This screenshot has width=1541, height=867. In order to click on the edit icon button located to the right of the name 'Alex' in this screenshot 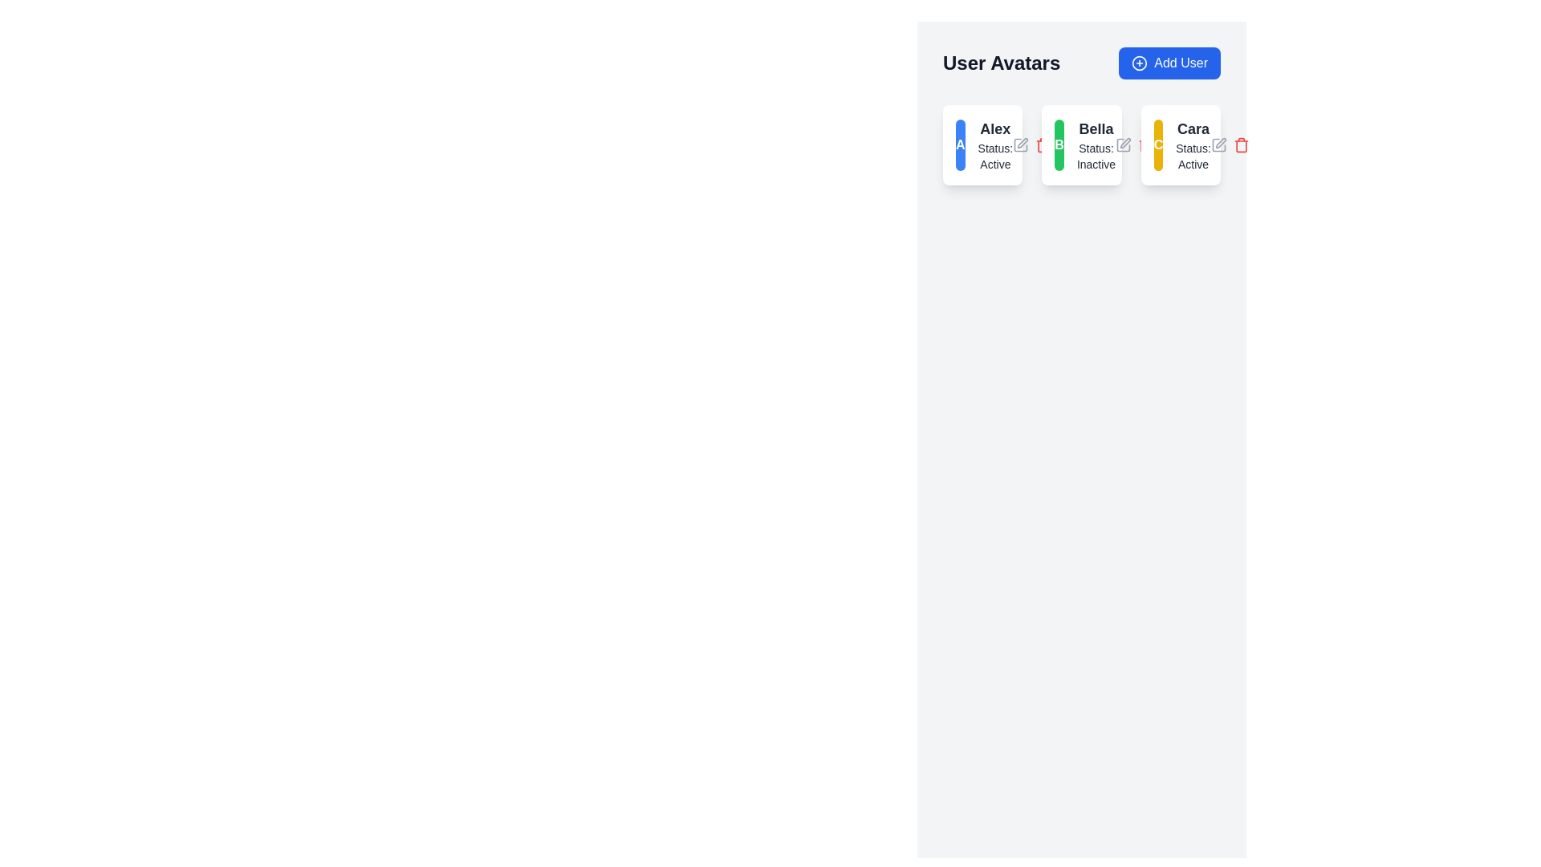, I will do `click(1020, 145)`.